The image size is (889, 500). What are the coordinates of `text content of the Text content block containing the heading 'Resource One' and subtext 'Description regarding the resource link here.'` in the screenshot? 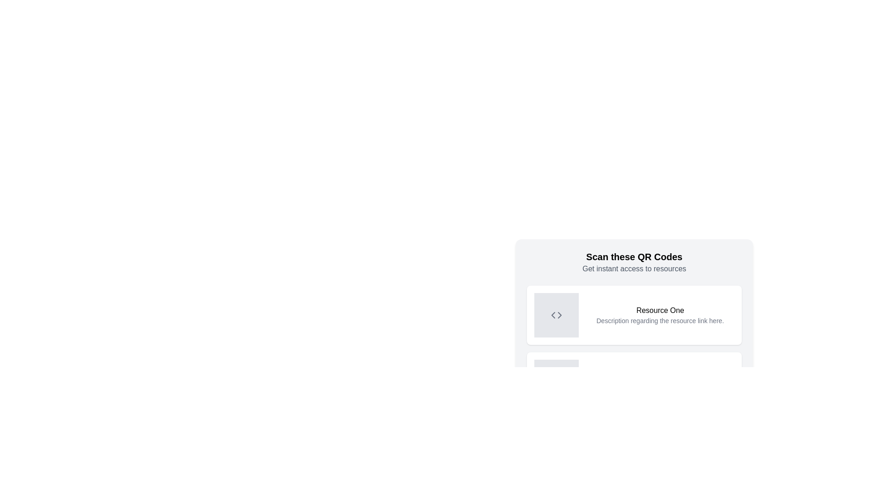 It's located at (659, 315).